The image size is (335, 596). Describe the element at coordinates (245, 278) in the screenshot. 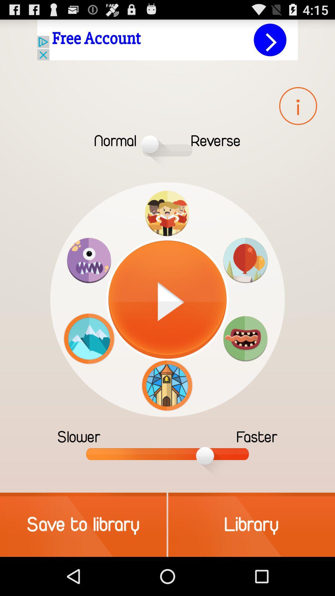

I see `the location icon` at that location.